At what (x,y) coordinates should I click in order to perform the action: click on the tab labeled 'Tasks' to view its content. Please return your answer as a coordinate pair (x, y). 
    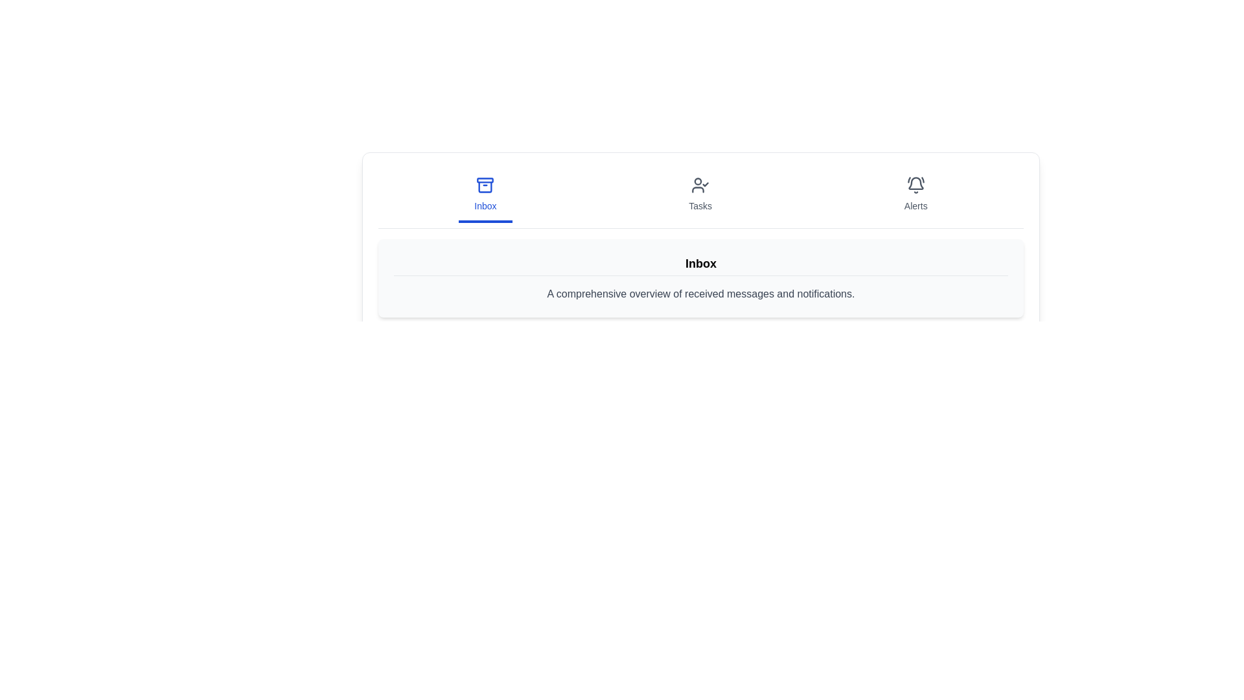
    Looking at the image, I should click on (700, 195).